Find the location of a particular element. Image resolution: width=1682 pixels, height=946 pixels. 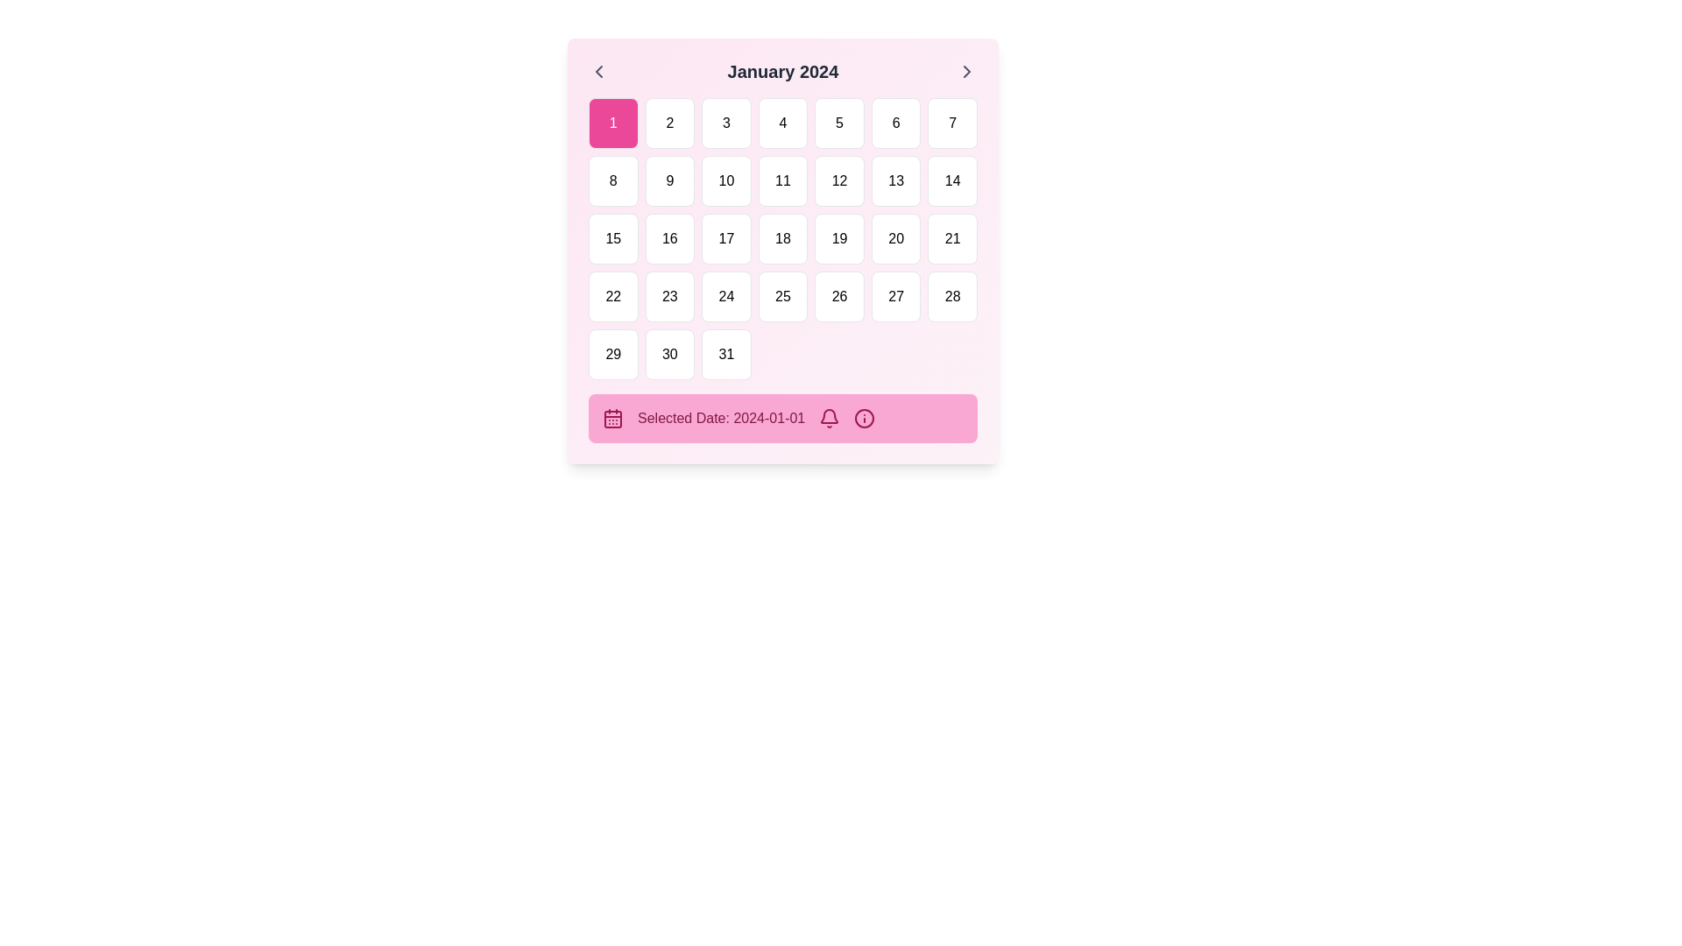

the button labeled '12' in the calendar grid is located at coordinates (838, 181).